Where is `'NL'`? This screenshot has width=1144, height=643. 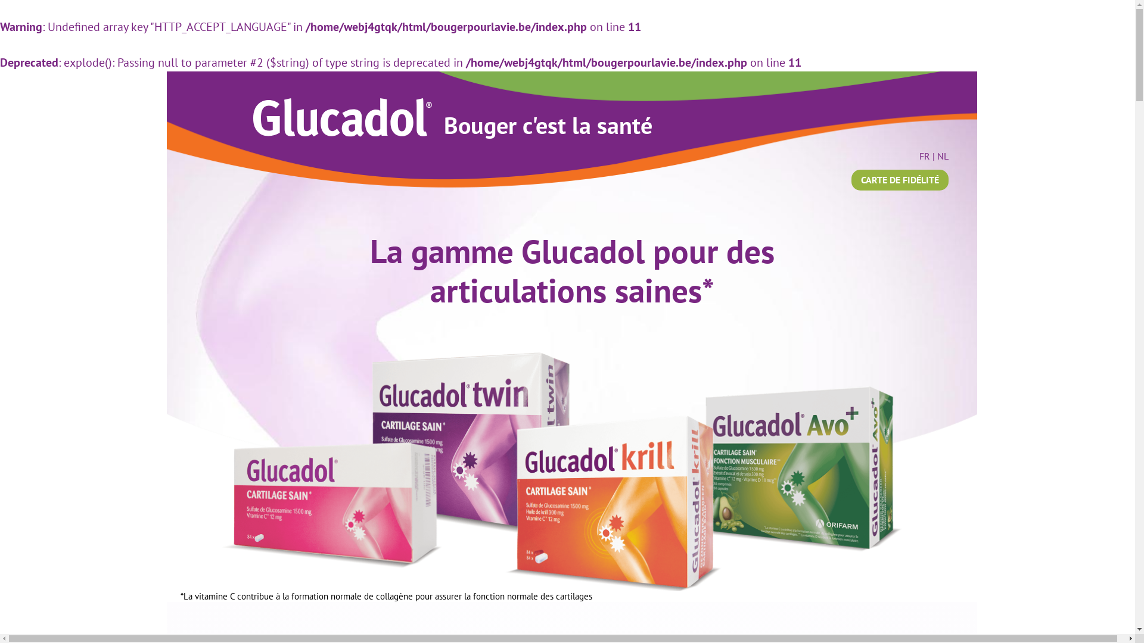
'NL' is located at coordinates (942, 155).